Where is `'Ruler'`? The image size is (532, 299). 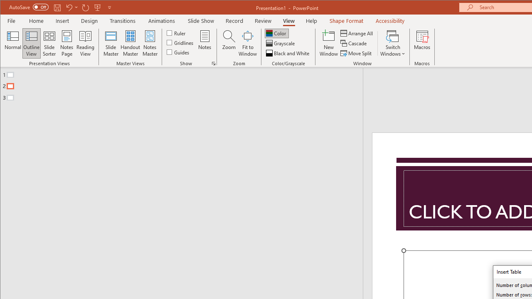 'Ruler' is located at coordinates (176, 32).